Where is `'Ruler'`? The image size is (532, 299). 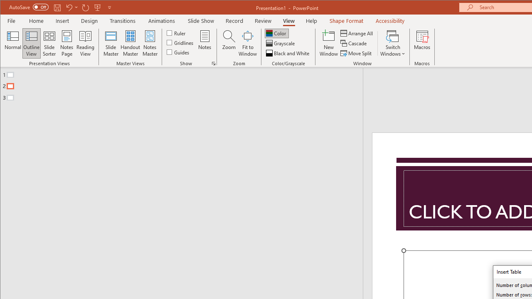 'Ruler' is located at coordinates (176, 32).